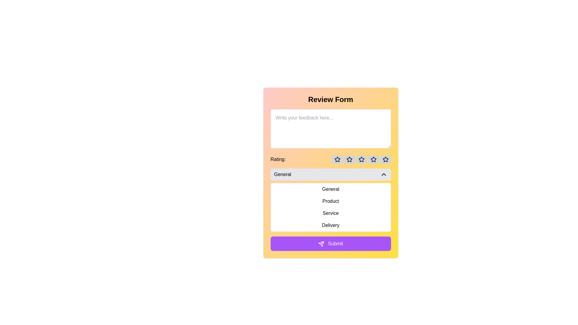 The image size is (578, 325). What do you see at coordinates (330, 225) in the screenshot?
I see `the 'Delivery' option in the dropdown menu, which is the fourth item labeled with black text on a white background` at bounding box center [330, 225].